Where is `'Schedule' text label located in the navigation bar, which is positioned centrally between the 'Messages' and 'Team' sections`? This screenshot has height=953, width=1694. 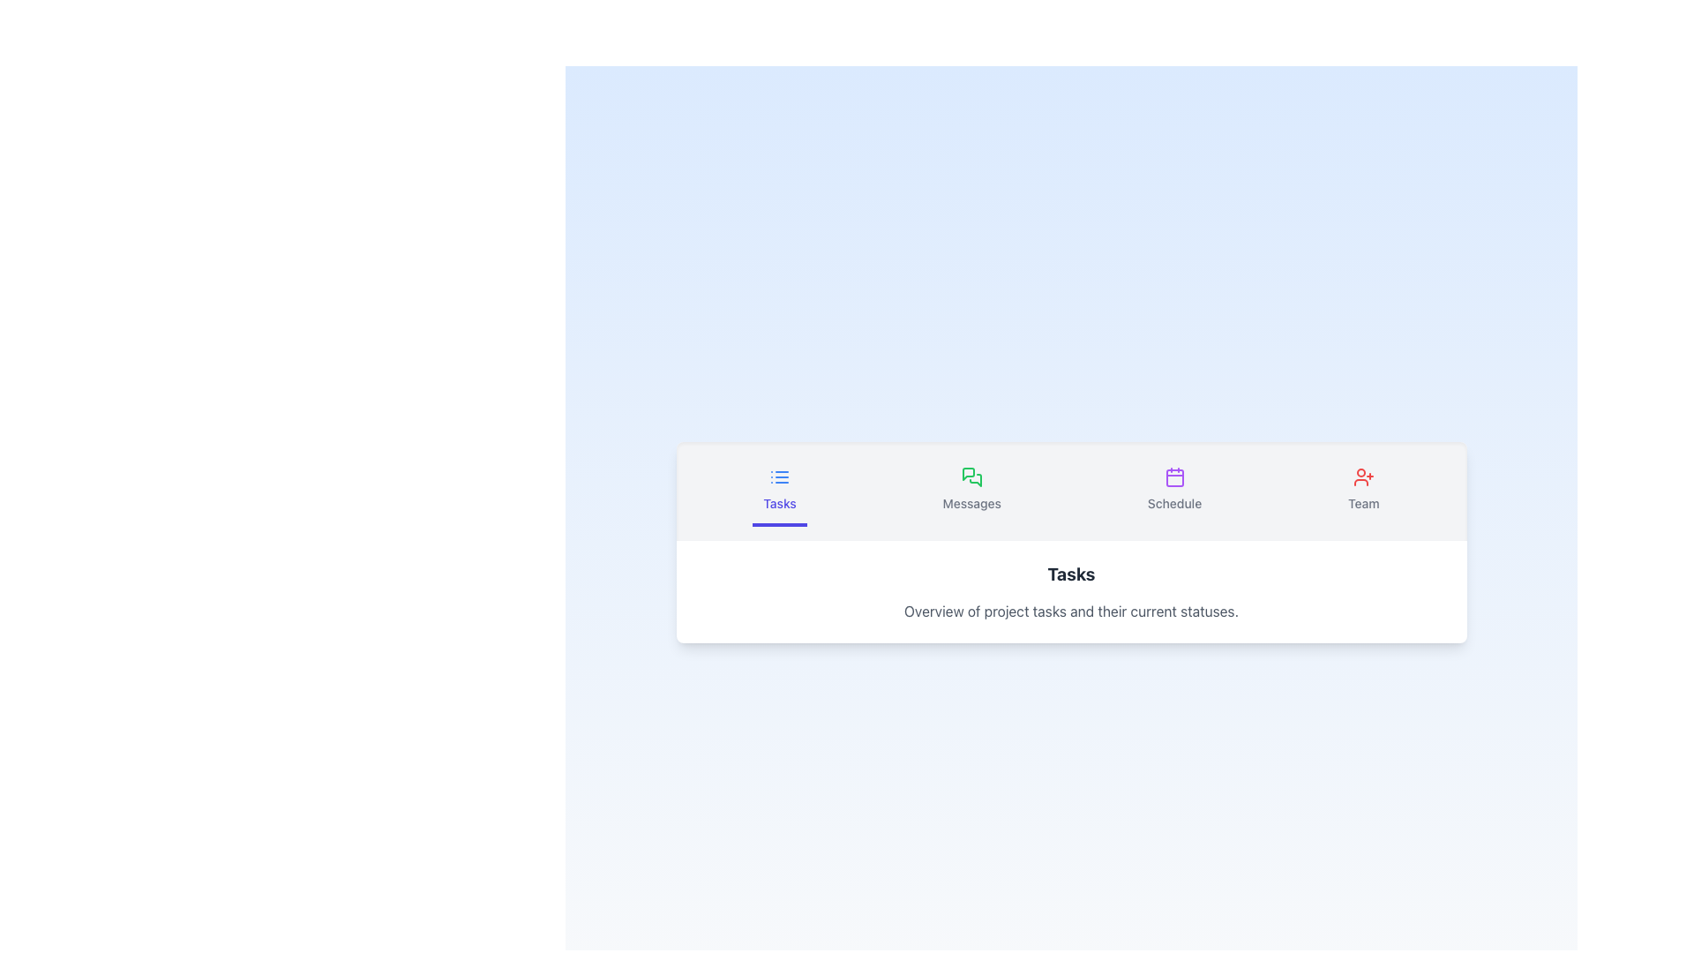 'Schedule' text label located in the navigation bar, which is positioned centrally between the 'Messages' and 'Team' sections is located at coordinates (1174, 503).